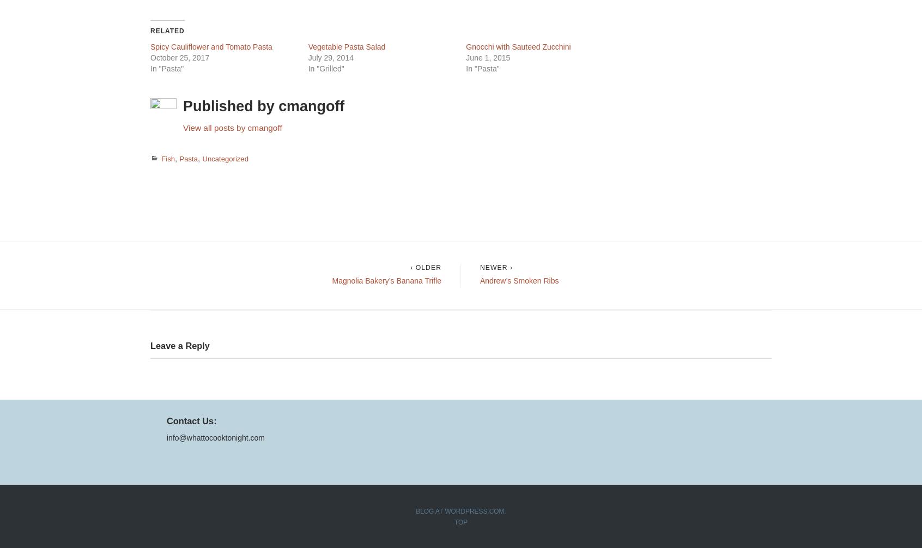 The image size is (922, 548). I want to click on 'Andrew’s Smoken Ribs', so click(519, 279).